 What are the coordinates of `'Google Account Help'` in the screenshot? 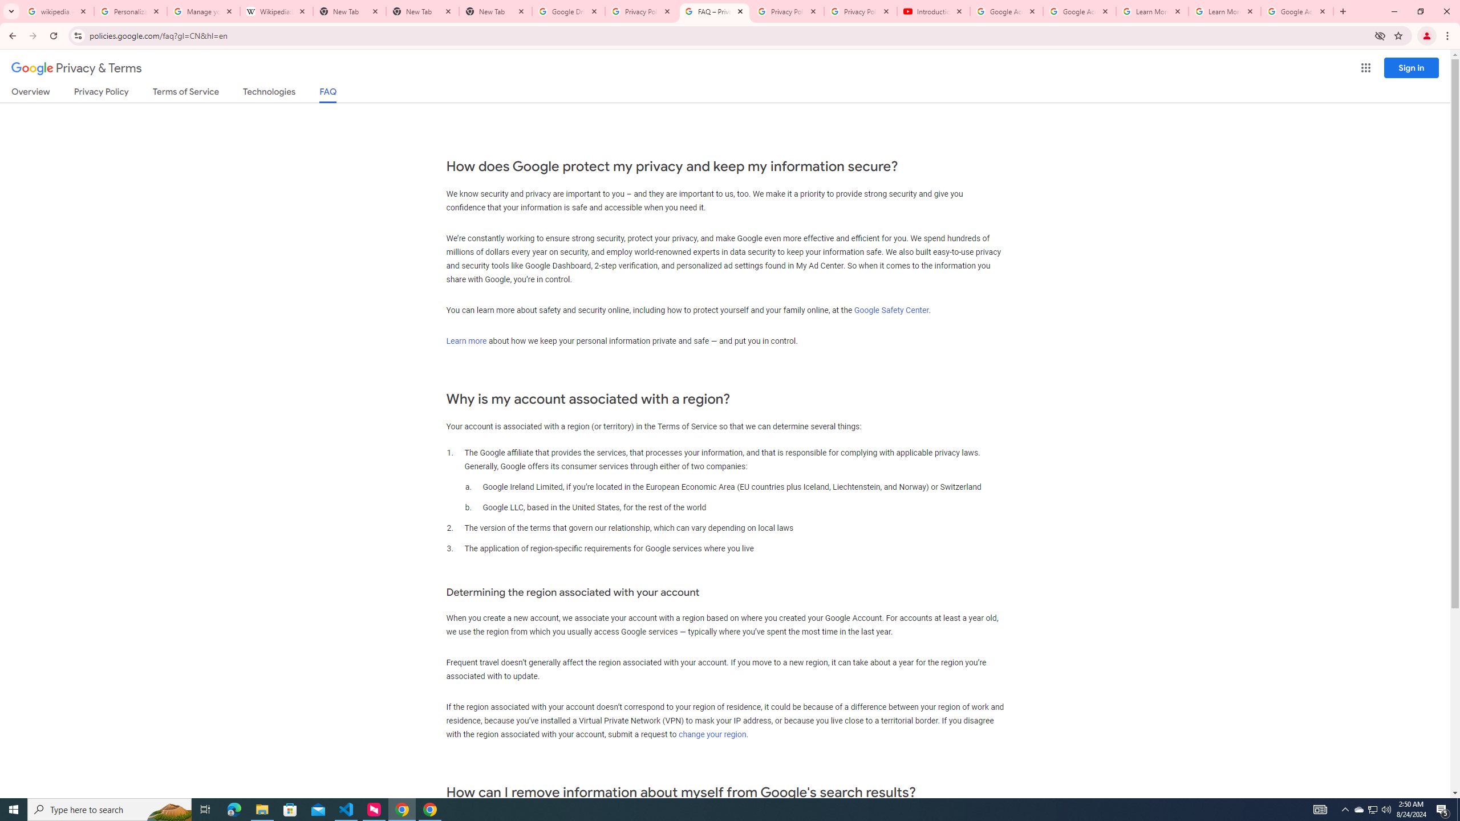 It's located at (1079, 11).